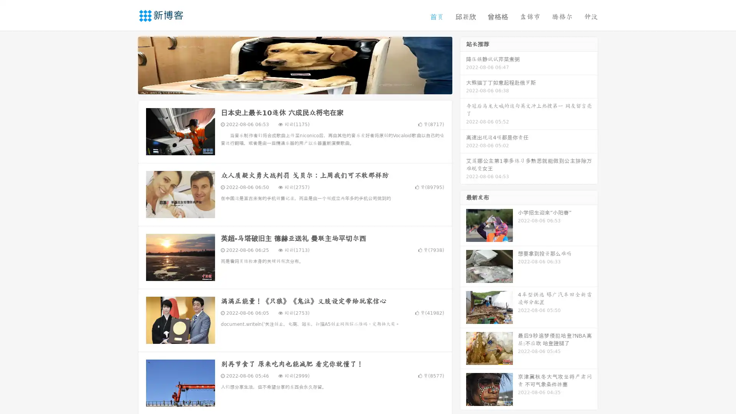  I want to click on Next slide, so click(463, 64).